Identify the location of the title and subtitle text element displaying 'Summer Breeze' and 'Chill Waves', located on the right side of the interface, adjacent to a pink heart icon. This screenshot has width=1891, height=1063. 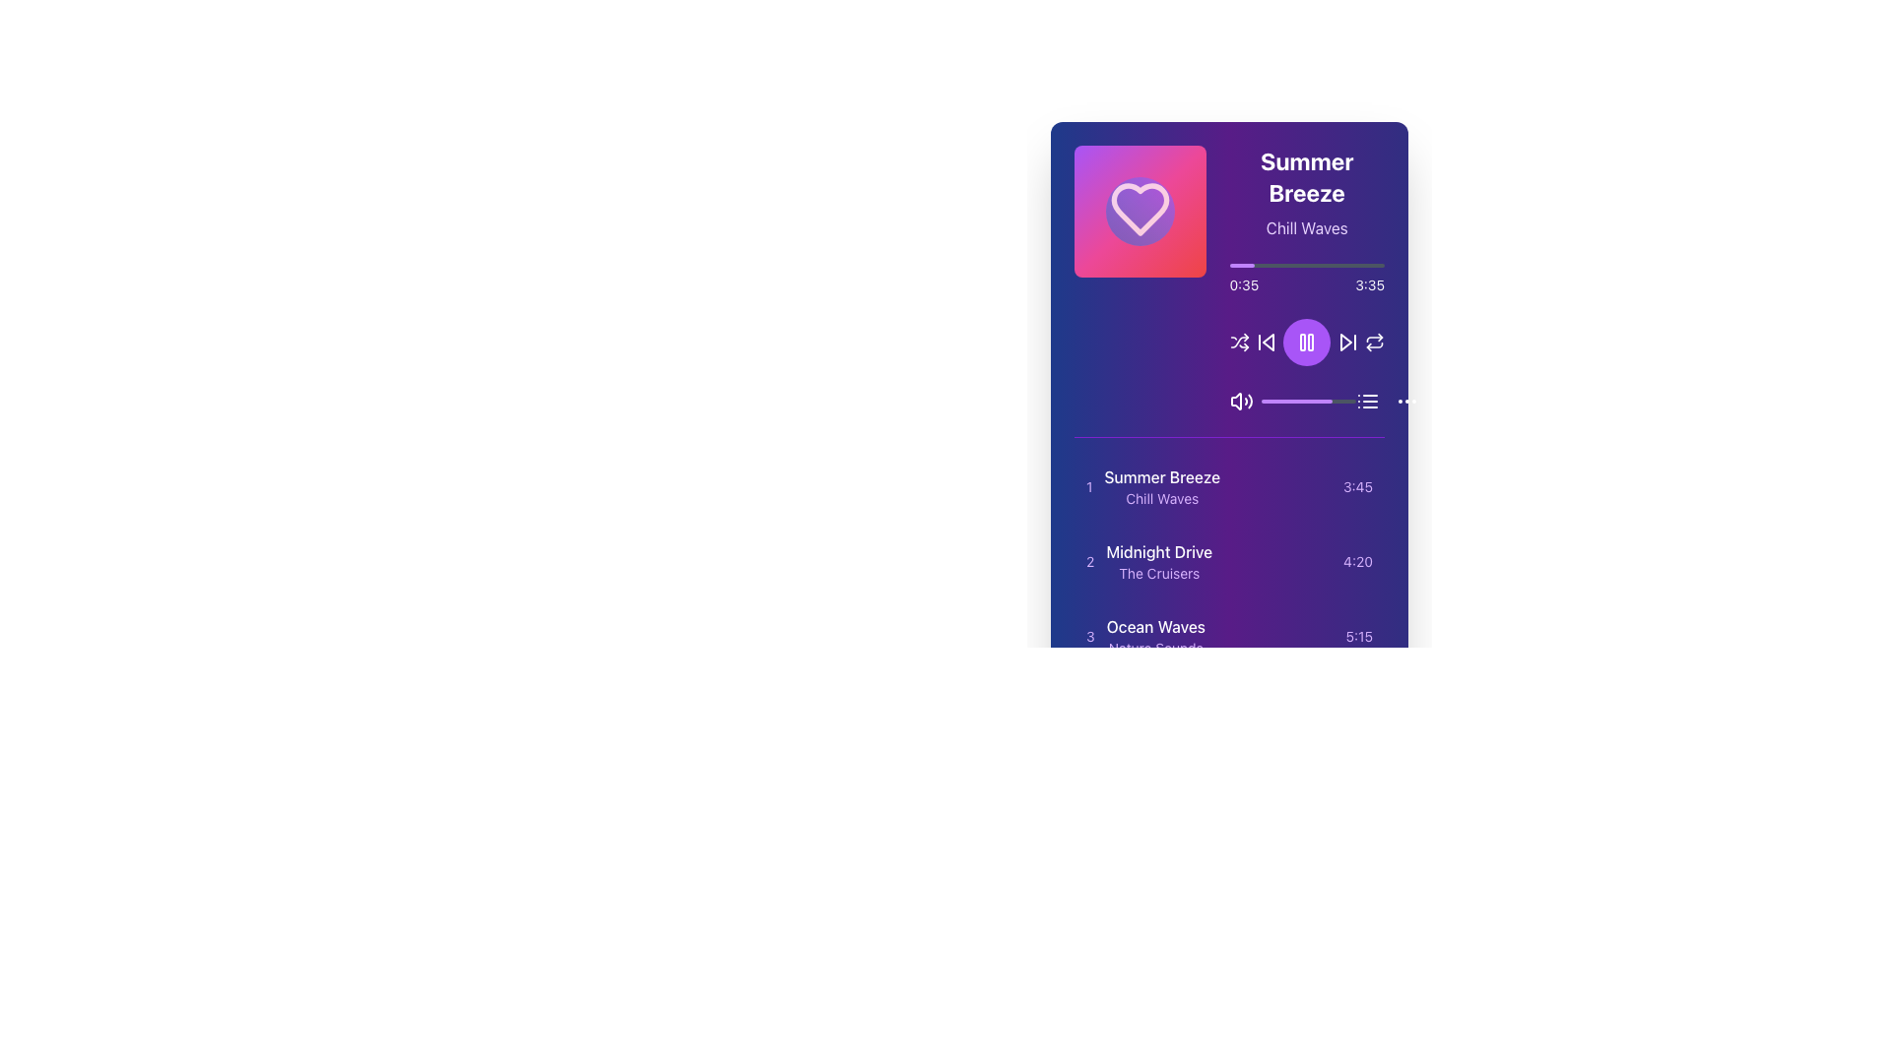
(1307, 193).